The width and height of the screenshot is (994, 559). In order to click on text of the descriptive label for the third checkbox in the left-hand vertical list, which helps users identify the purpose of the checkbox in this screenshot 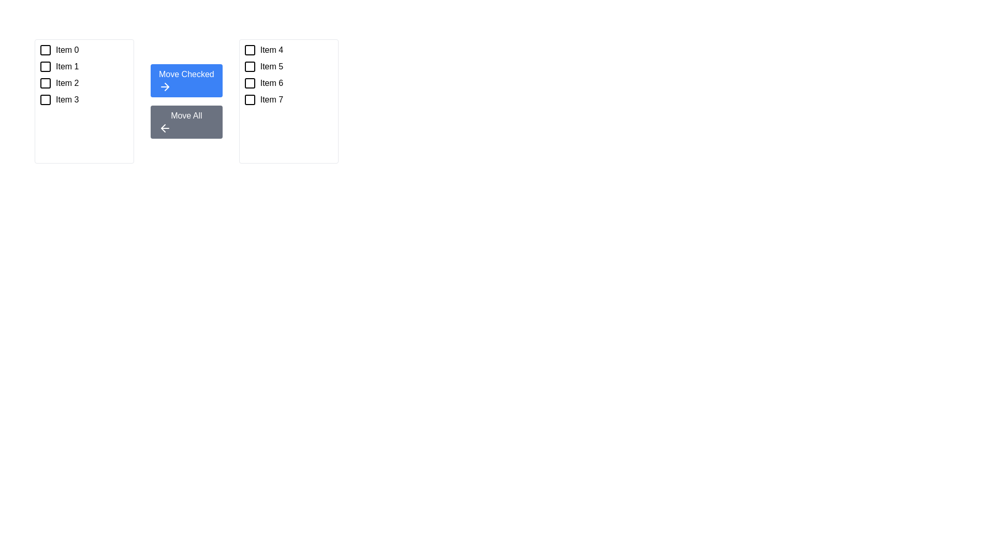, I will do `click(67, 83)`.